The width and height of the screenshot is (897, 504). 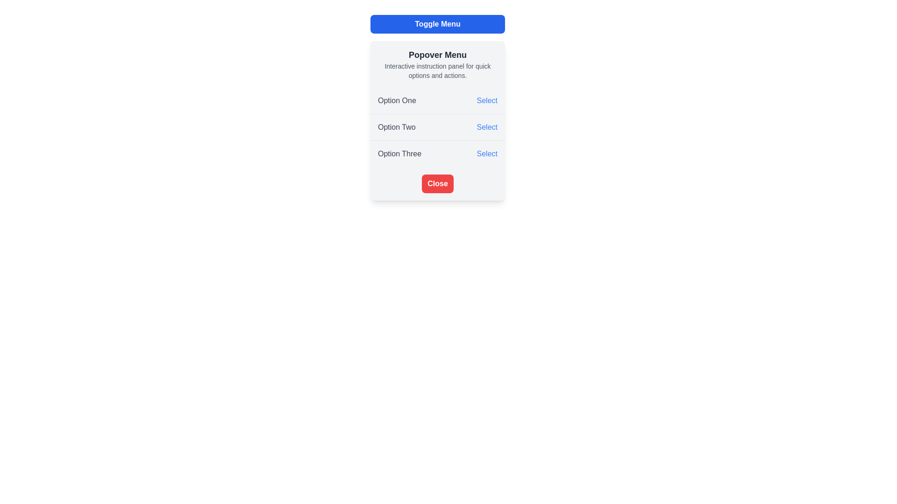 What do you see at coordinates (437, 183) in the screenshot?
I see `the red 'Close' button with rounded corners at the bottom of the popover menu` at bounding box center [437, 183].